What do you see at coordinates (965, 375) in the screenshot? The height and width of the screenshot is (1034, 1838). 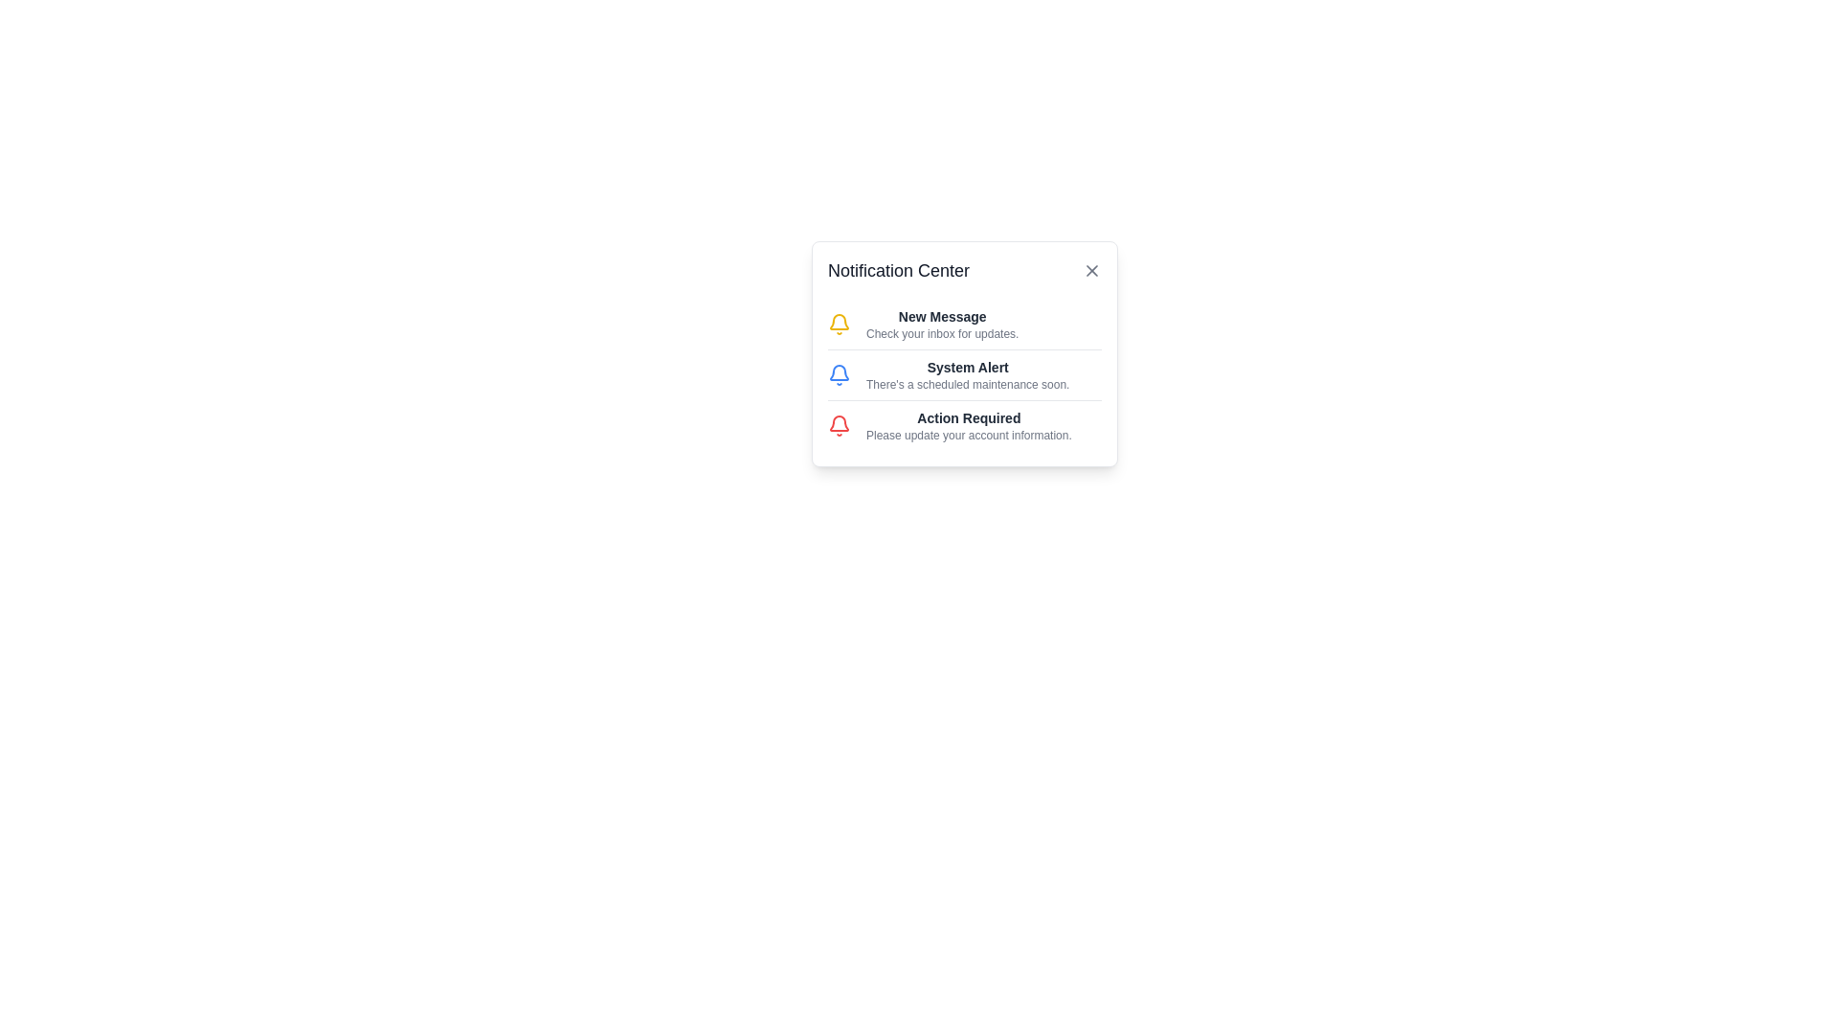 I see `the second notification in the 'Notification Center' titled 'System Alert' which contains a blue bell icon, a bold heading, and descriptive text` at bounding box center [965, 375].